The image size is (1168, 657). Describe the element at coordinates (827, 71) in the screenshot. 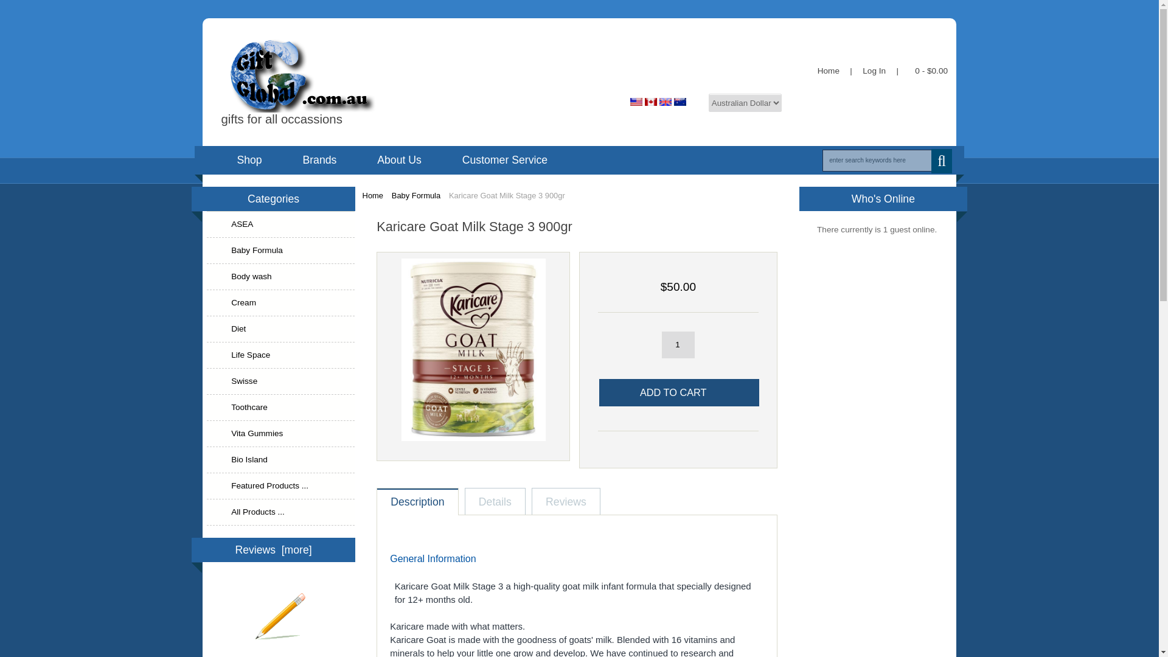

I see `'Home'` at that location.